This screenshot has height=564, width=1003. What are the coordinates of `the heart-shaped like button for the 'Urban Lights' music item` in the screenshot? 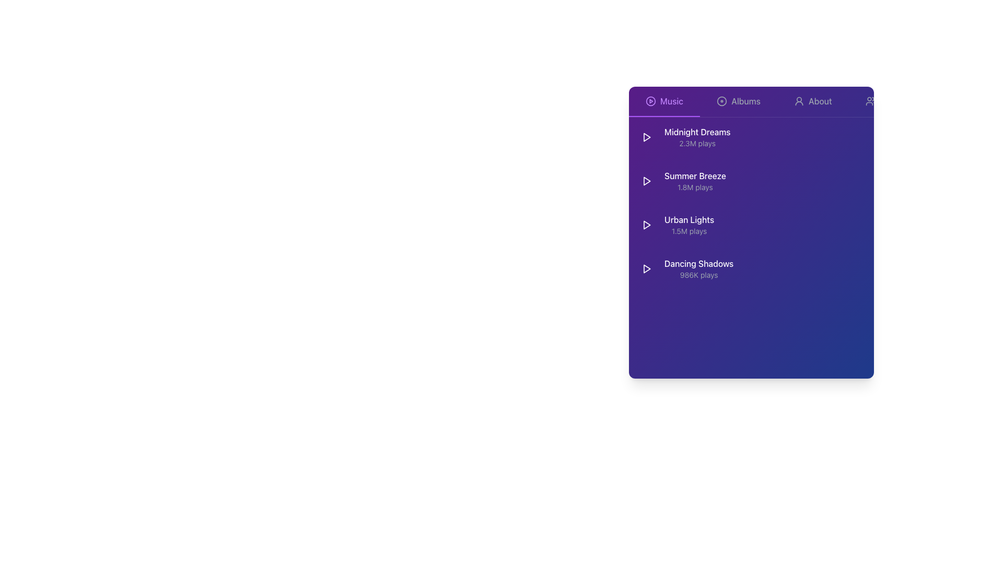 It's located at (827, 225).